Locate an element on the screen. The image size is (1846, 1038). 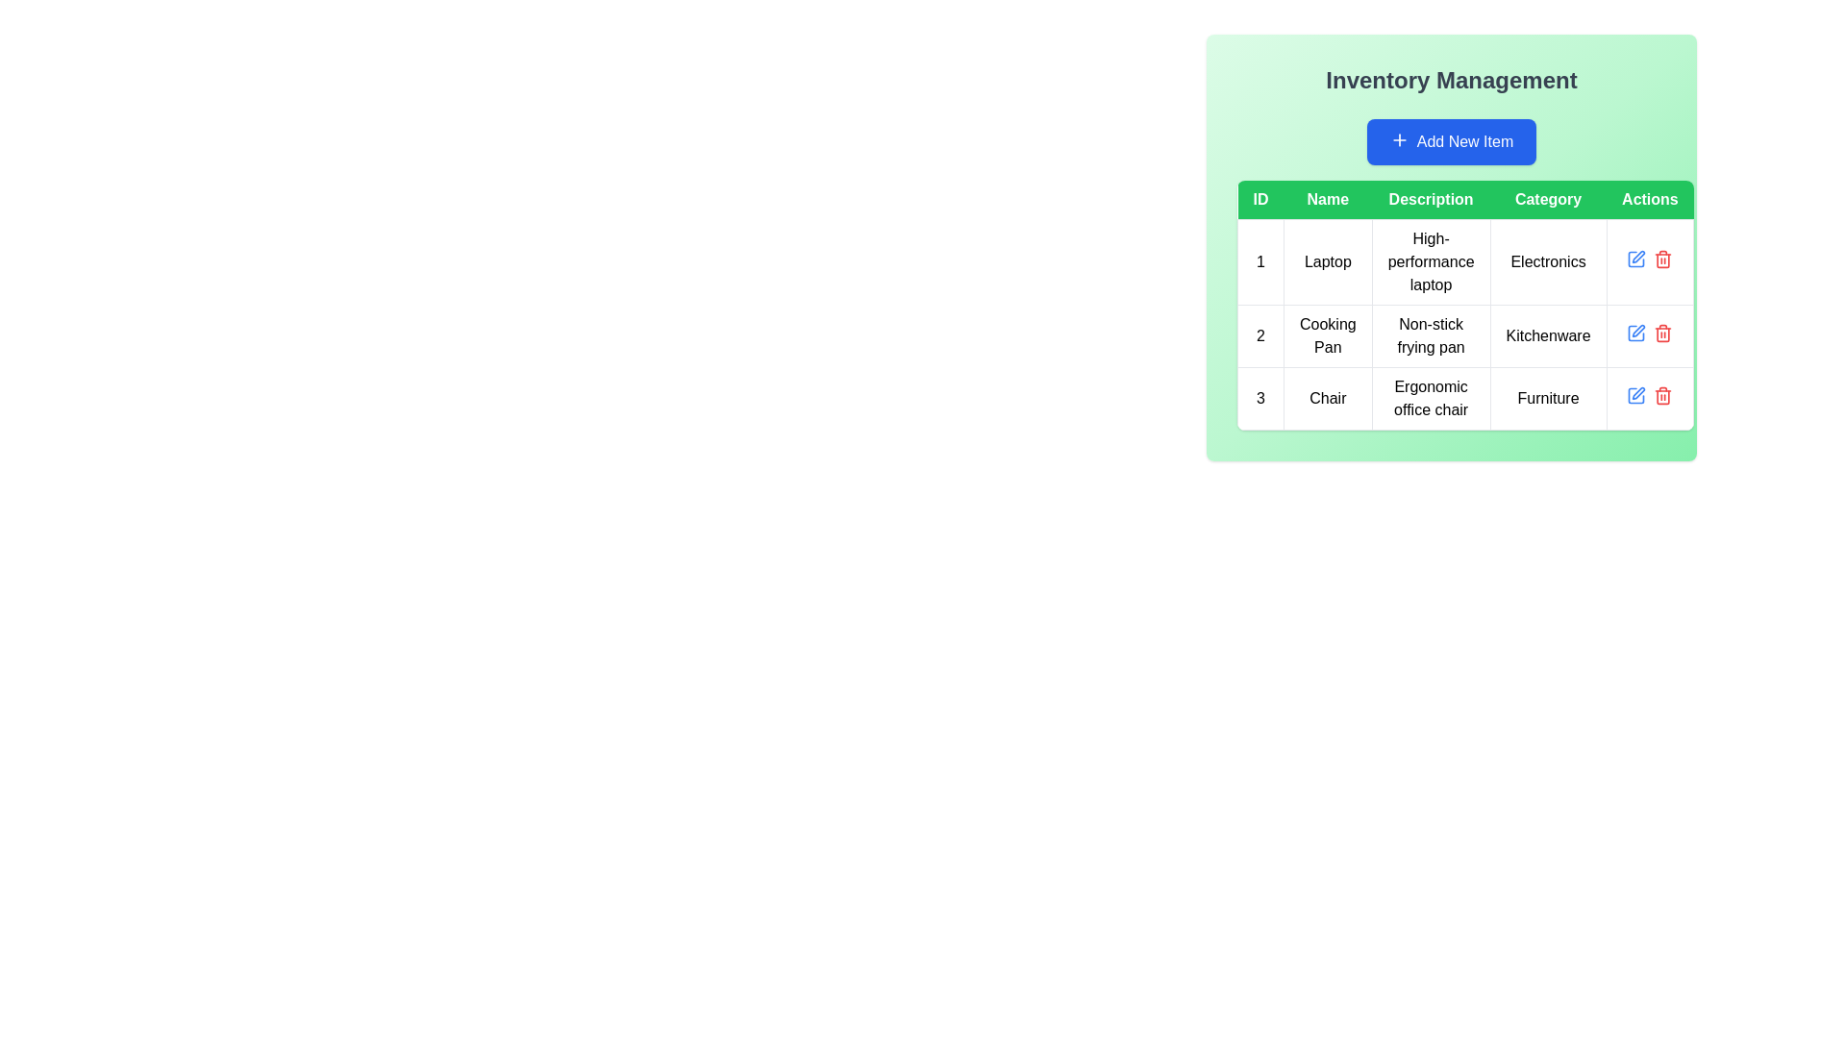
the Text Display element that shows the word 'Chair' in black text, located in the second column of the third row in the table is located at coordinates (1327, 398).